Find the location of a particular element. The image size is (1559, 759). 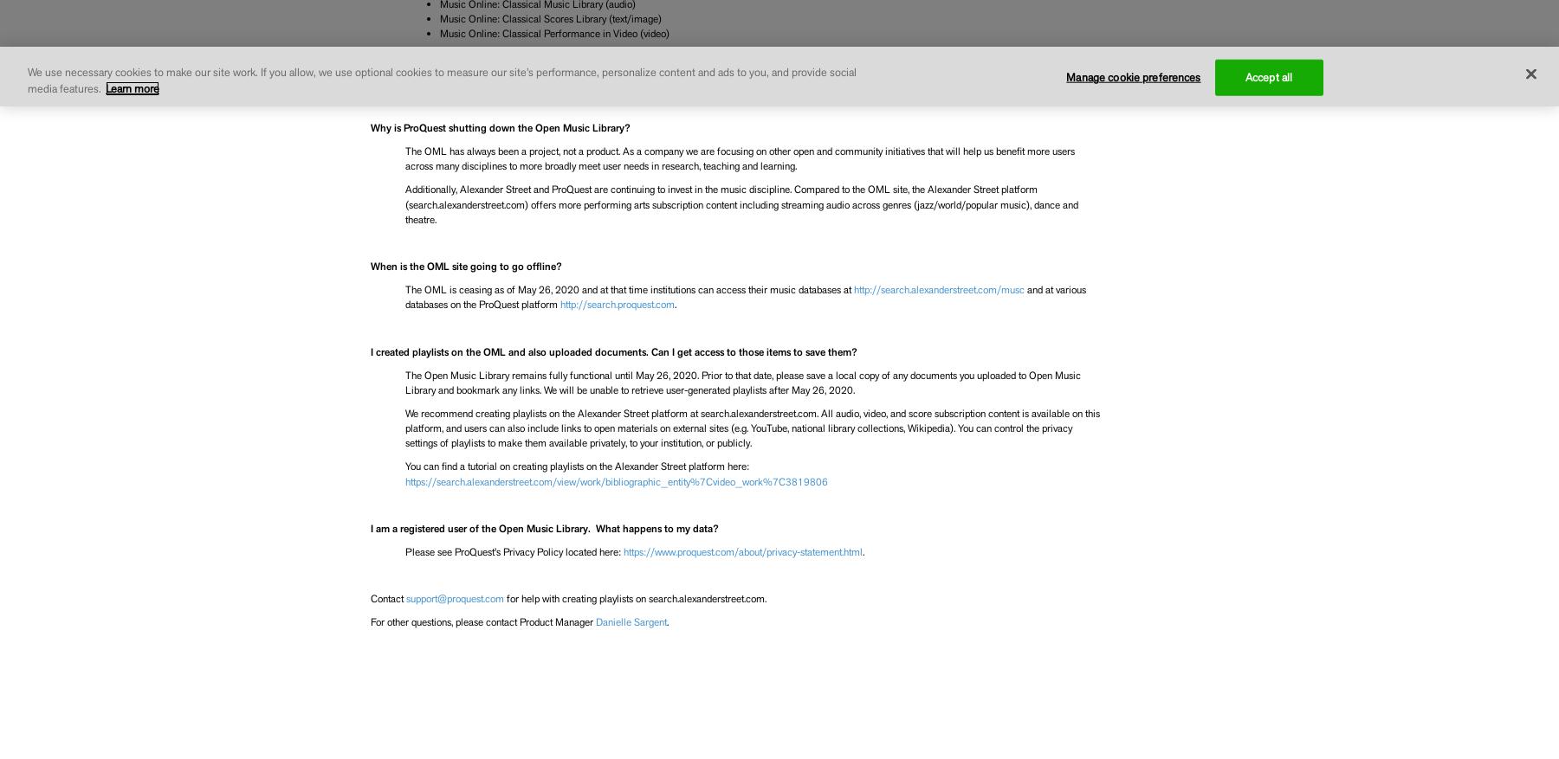

'Music Online: Classical Performance in Video (video)' is located at coordinates (553, 33).